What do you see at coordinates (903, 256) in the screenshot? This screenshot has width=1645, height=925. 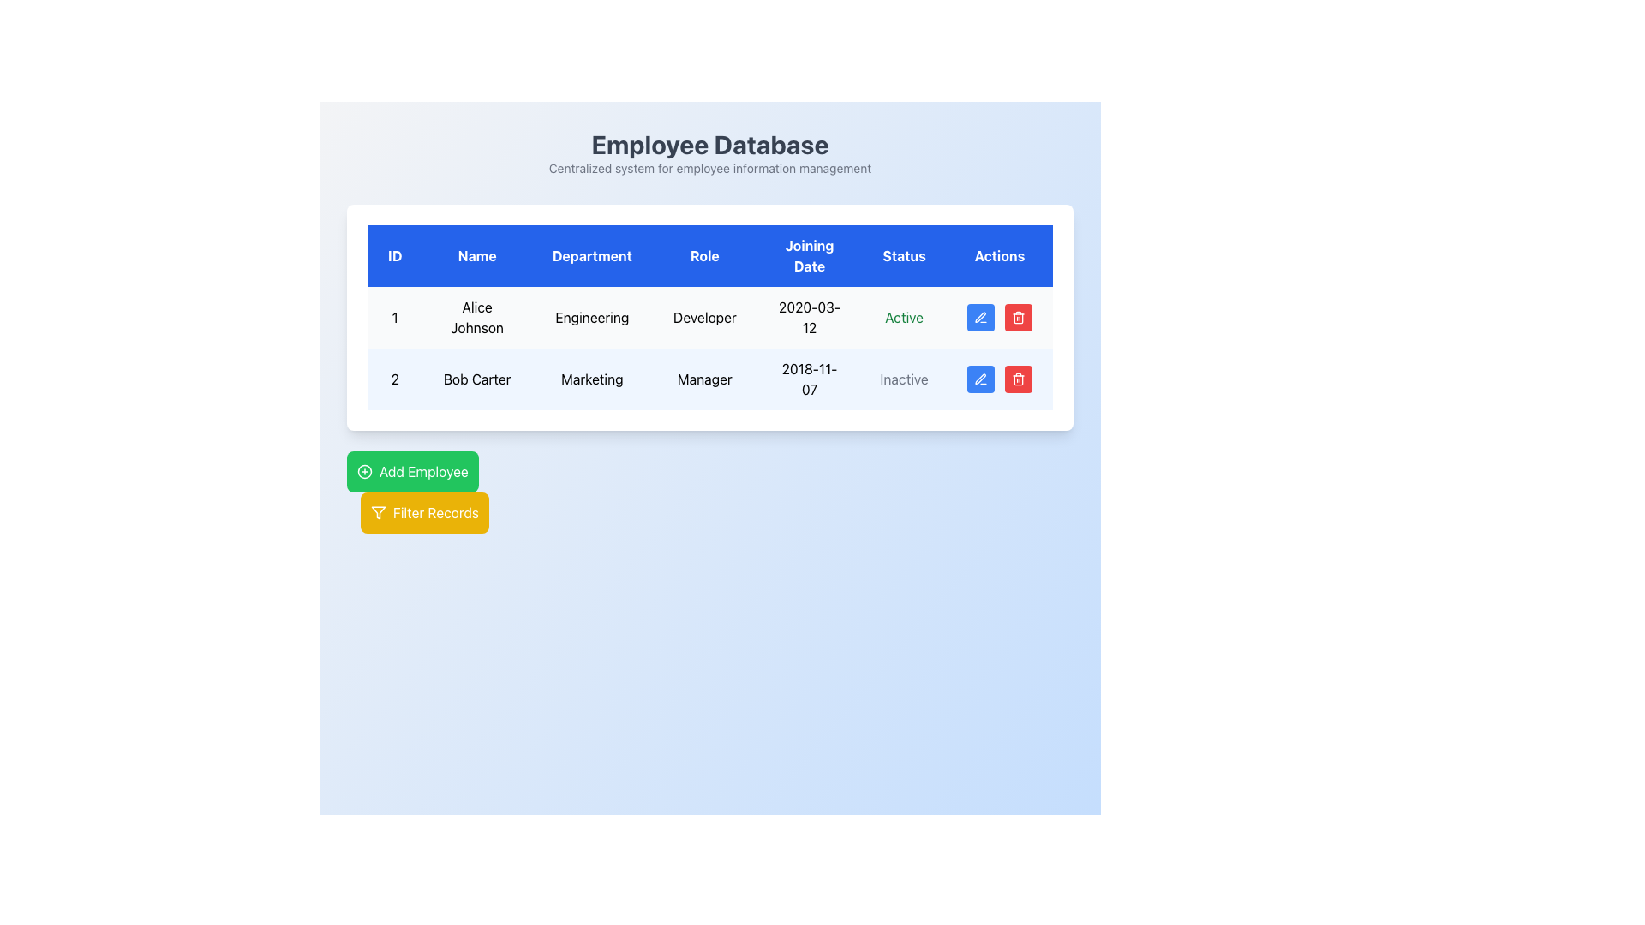 I see `the header label displaying 'Status' which is centered in a blue rectangular box, located in the sixth column of the header row of the data table` at bounding box center [903, 256].